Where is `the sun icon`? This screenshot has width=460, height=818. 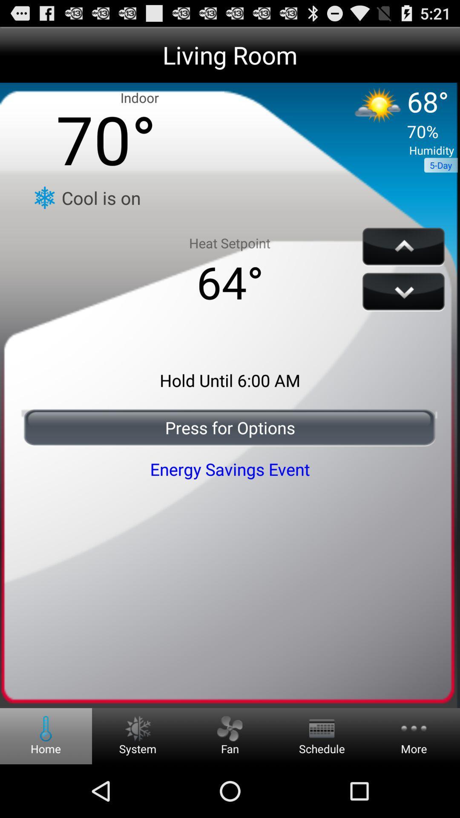 the sun icon is located at coordinates (379, 110).